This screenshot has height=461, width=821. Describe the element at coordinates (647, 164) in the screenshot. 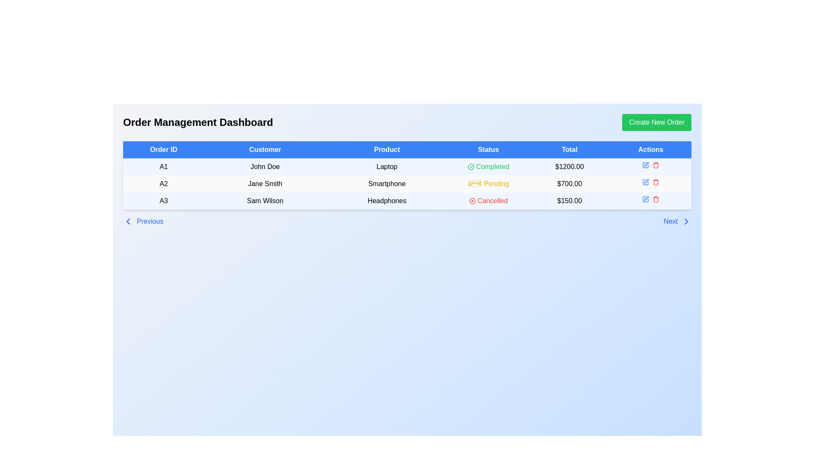

I see `the edit icon button located in the Actions column of the table` at that location.